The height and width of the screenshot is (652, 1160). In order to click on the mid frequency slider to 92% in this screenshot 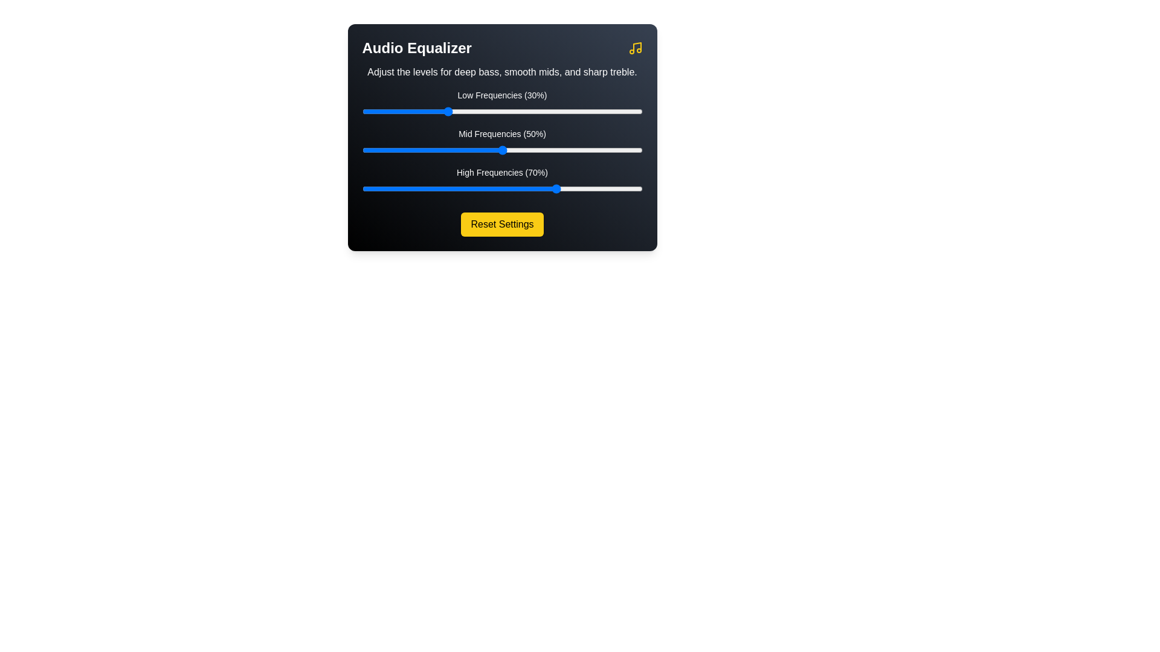, I will do `click(620, 150)`.